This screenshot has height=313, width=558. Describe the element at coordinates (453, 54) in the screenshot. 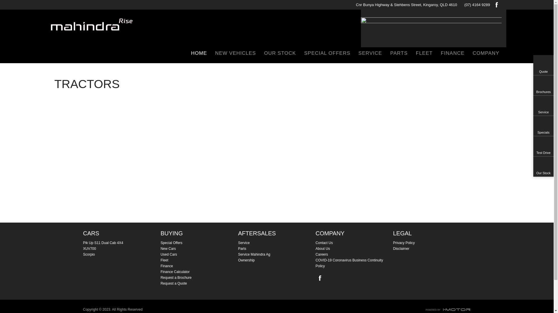

I see `'FINANCE'` at that location.